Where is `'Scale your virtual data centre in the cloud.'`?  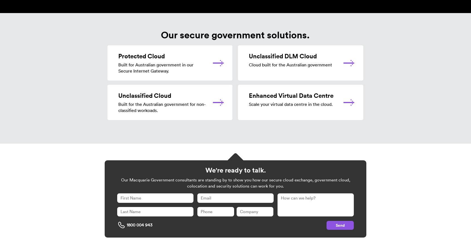
'Scale your virtual data centre in the cloud.' is located at coordinates (290, 104).